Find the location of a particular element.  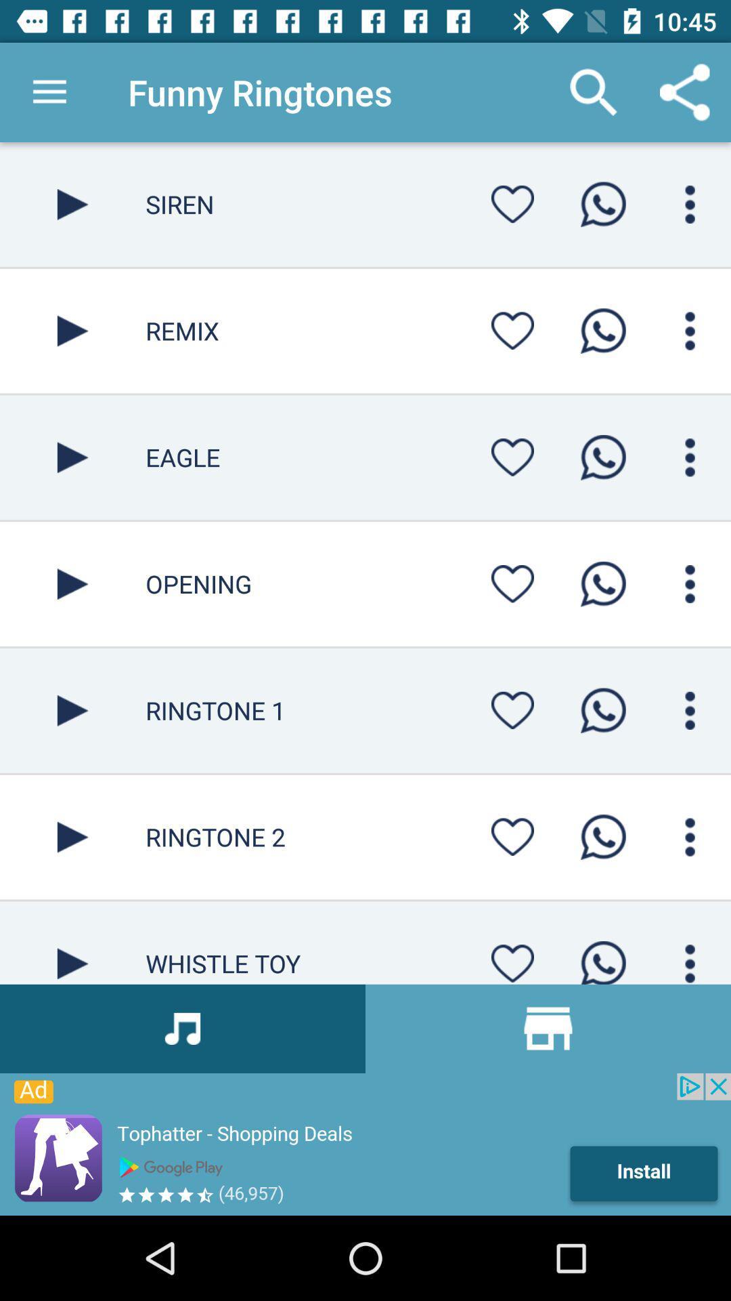

like button is located at coordinates (512, 836).